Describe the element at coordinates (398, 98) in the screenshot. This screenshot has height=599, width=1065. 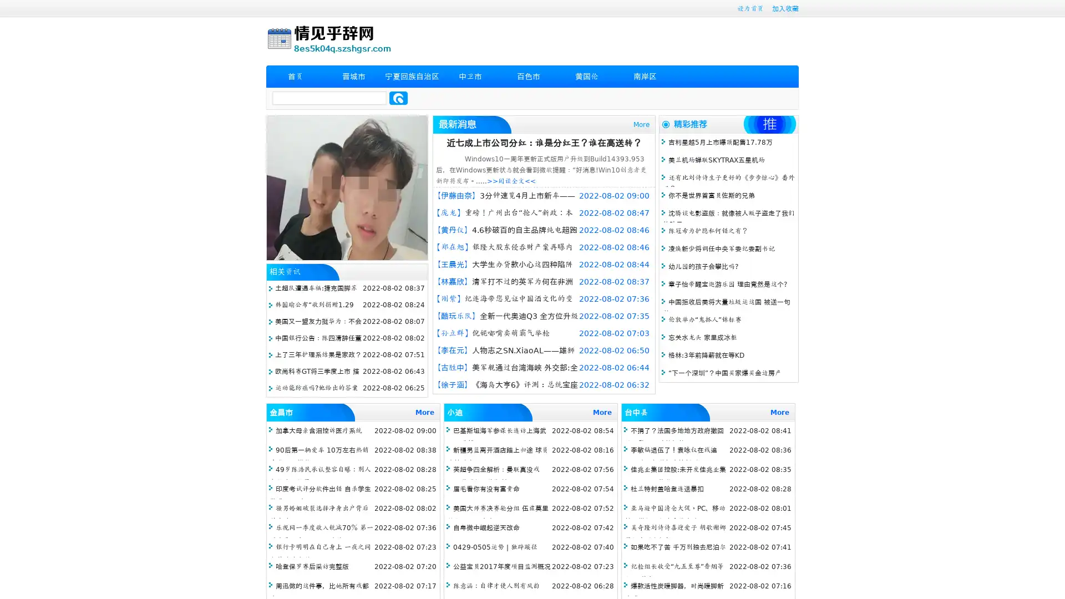
I see `Search` at that location.